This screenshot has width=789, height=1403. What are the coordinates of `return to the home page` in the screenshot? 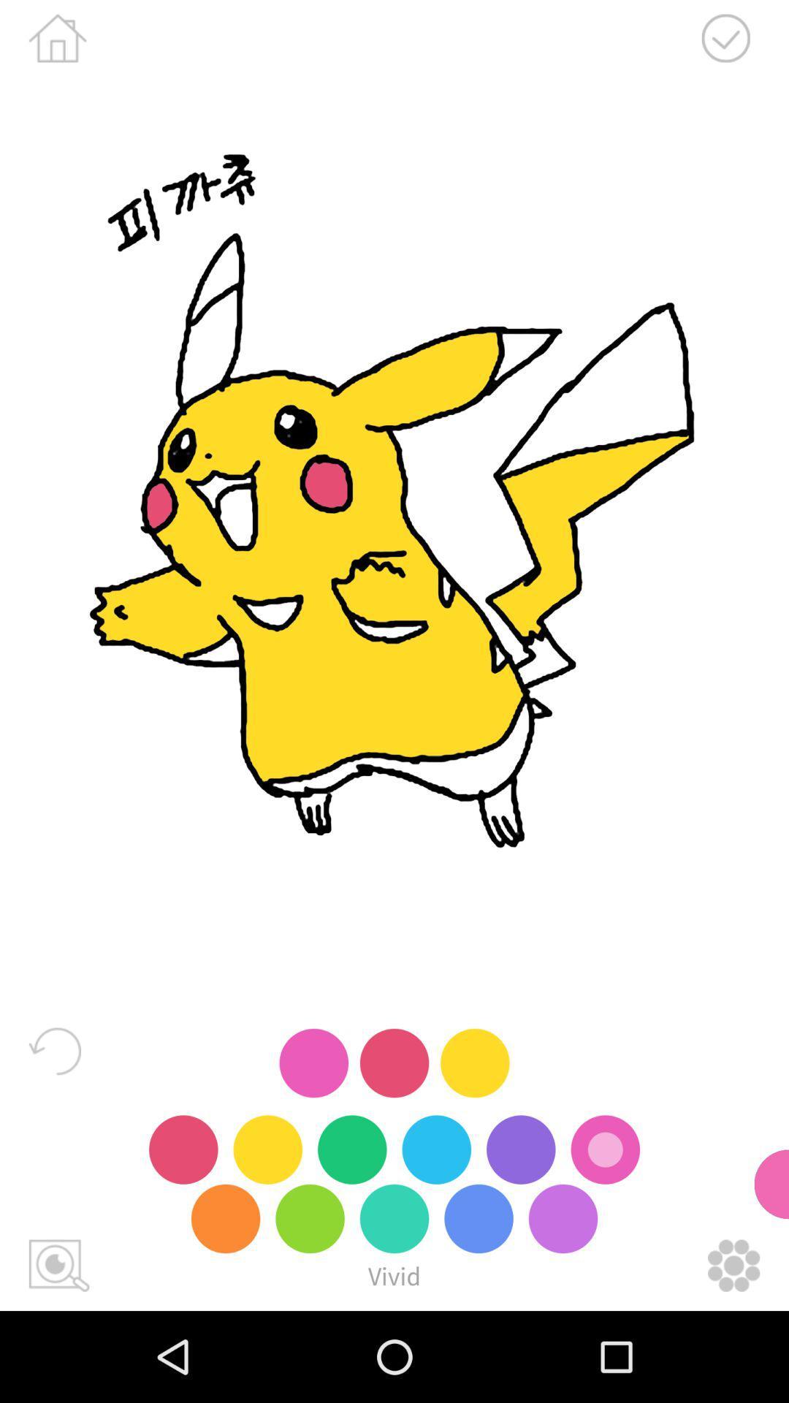 It's located at (57, 38).